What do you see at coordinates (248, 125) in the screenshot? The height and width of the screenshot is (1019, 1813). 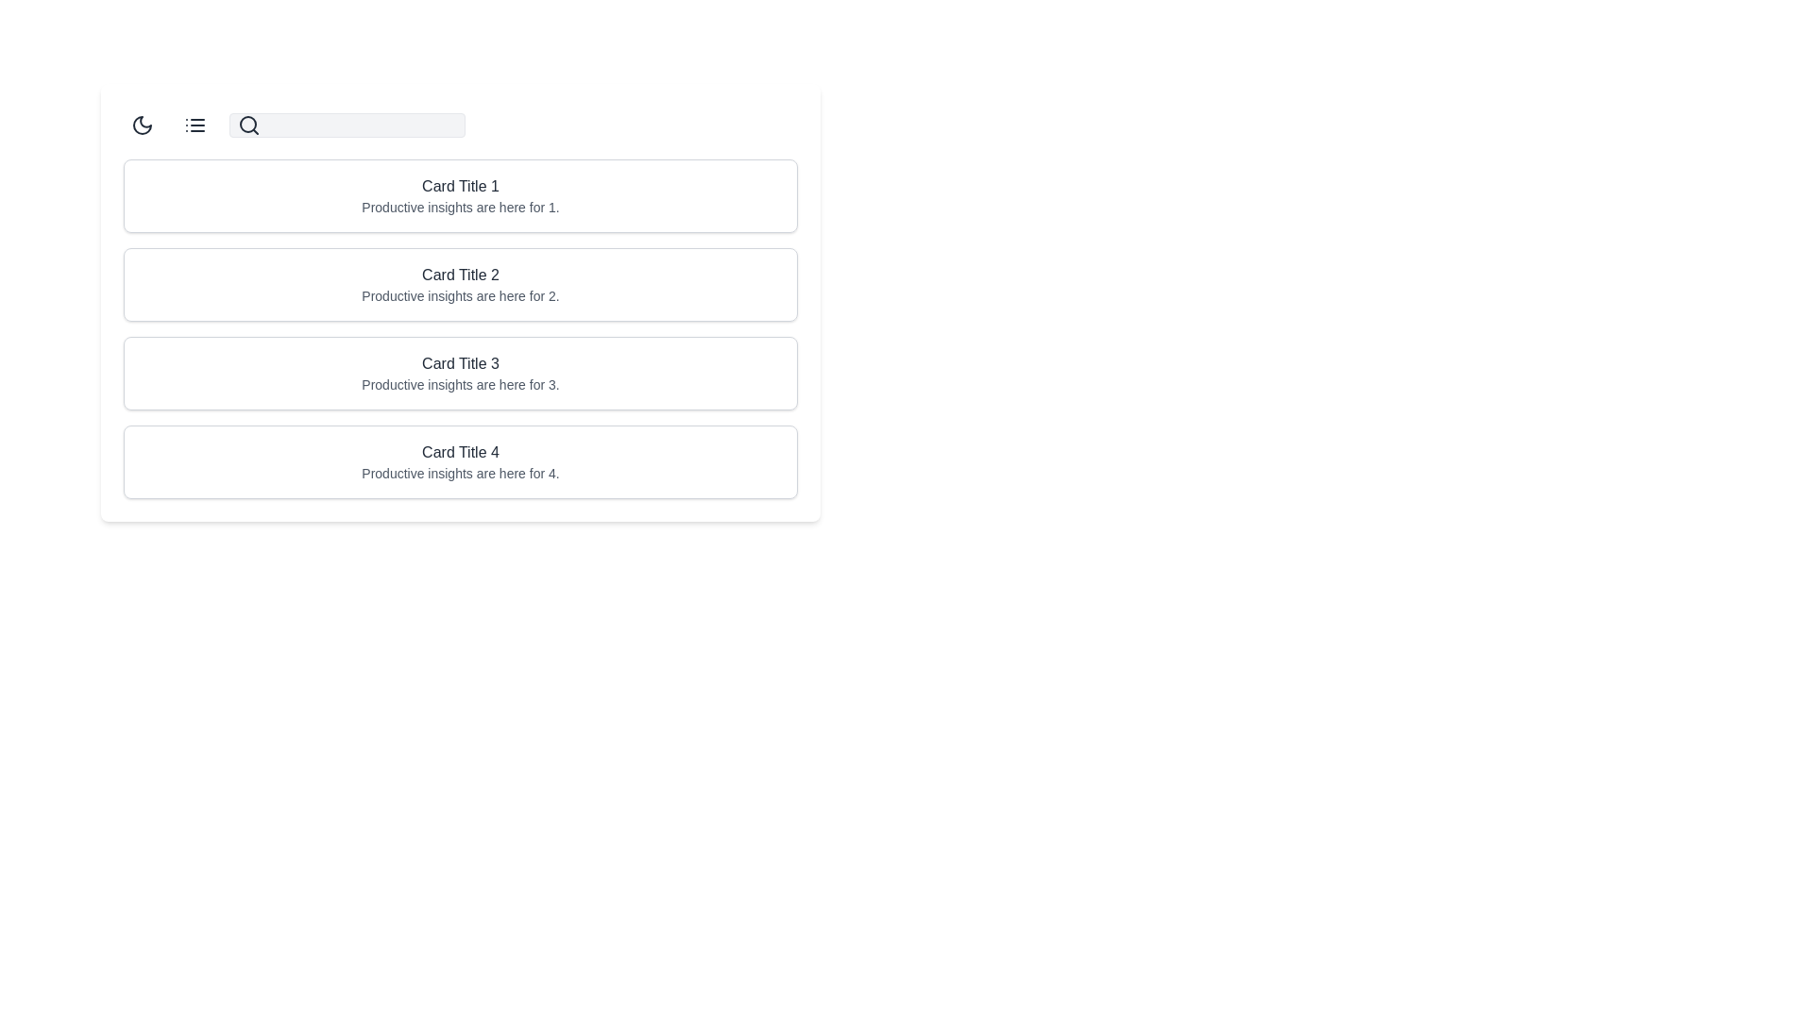 I see `the search icon located near the top-left corner of the interface` at bounding box center [248, 125].